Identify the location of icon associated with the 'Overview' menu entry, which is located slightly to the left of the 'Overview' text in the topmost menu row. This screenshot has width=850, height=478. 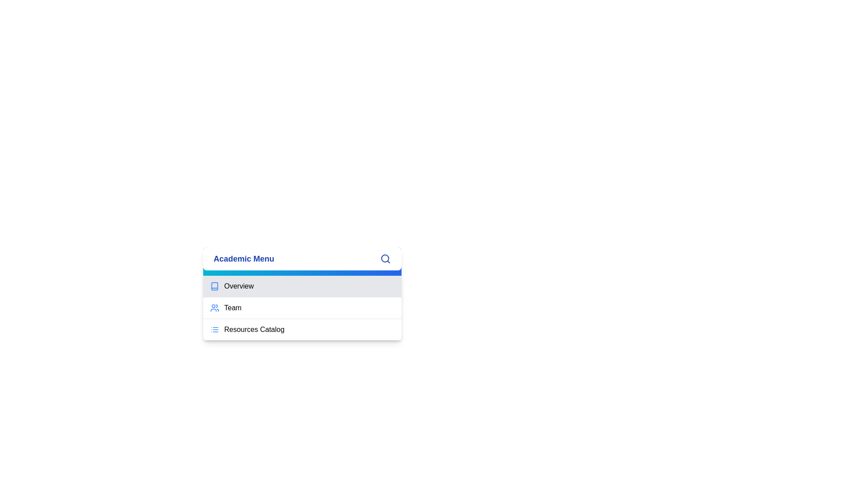
(214, 286).